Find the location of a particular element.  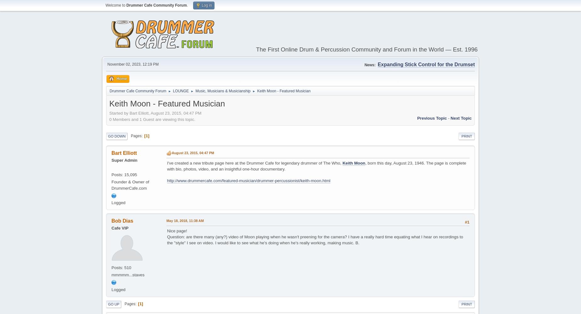

'Started by Bart Elliott, August 23, 2015, 04:47 PM' is located at coordinates (155, 112).